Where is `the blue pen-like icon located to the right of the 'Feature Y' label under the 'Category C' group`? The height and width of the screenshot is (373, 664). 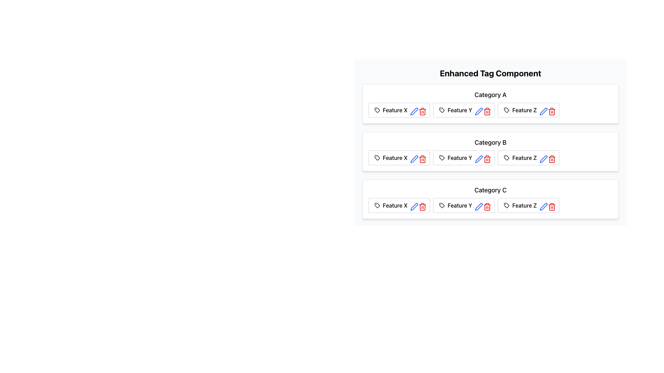
the blue pen-like icon located to the right of the 'Feature Y' label under the 'Category C' group is located at coordinates (479, 206).